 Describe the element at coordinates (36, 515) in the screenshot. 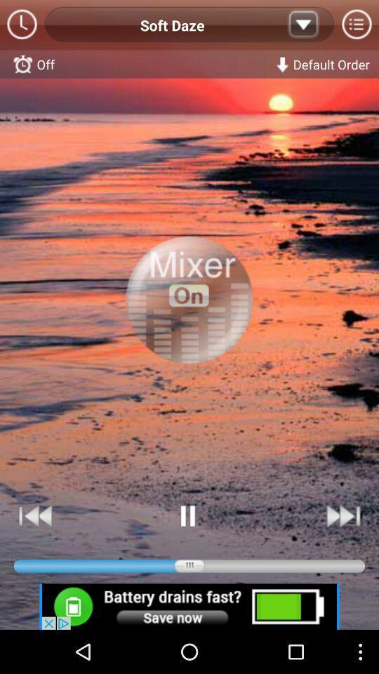

I see `back` at that location.